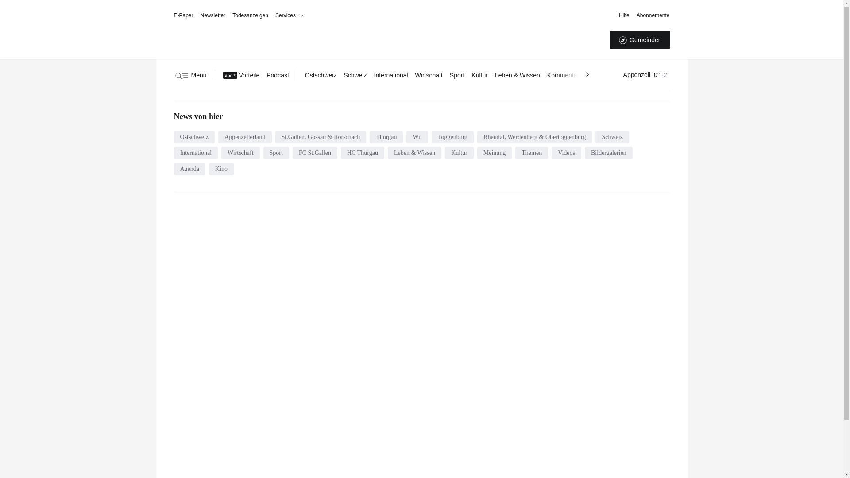 The height and width of the screenshot is (478, 850). Describe the element at coordinates (277, 74) in the screenshot. I see `'Podcast'` at that location.